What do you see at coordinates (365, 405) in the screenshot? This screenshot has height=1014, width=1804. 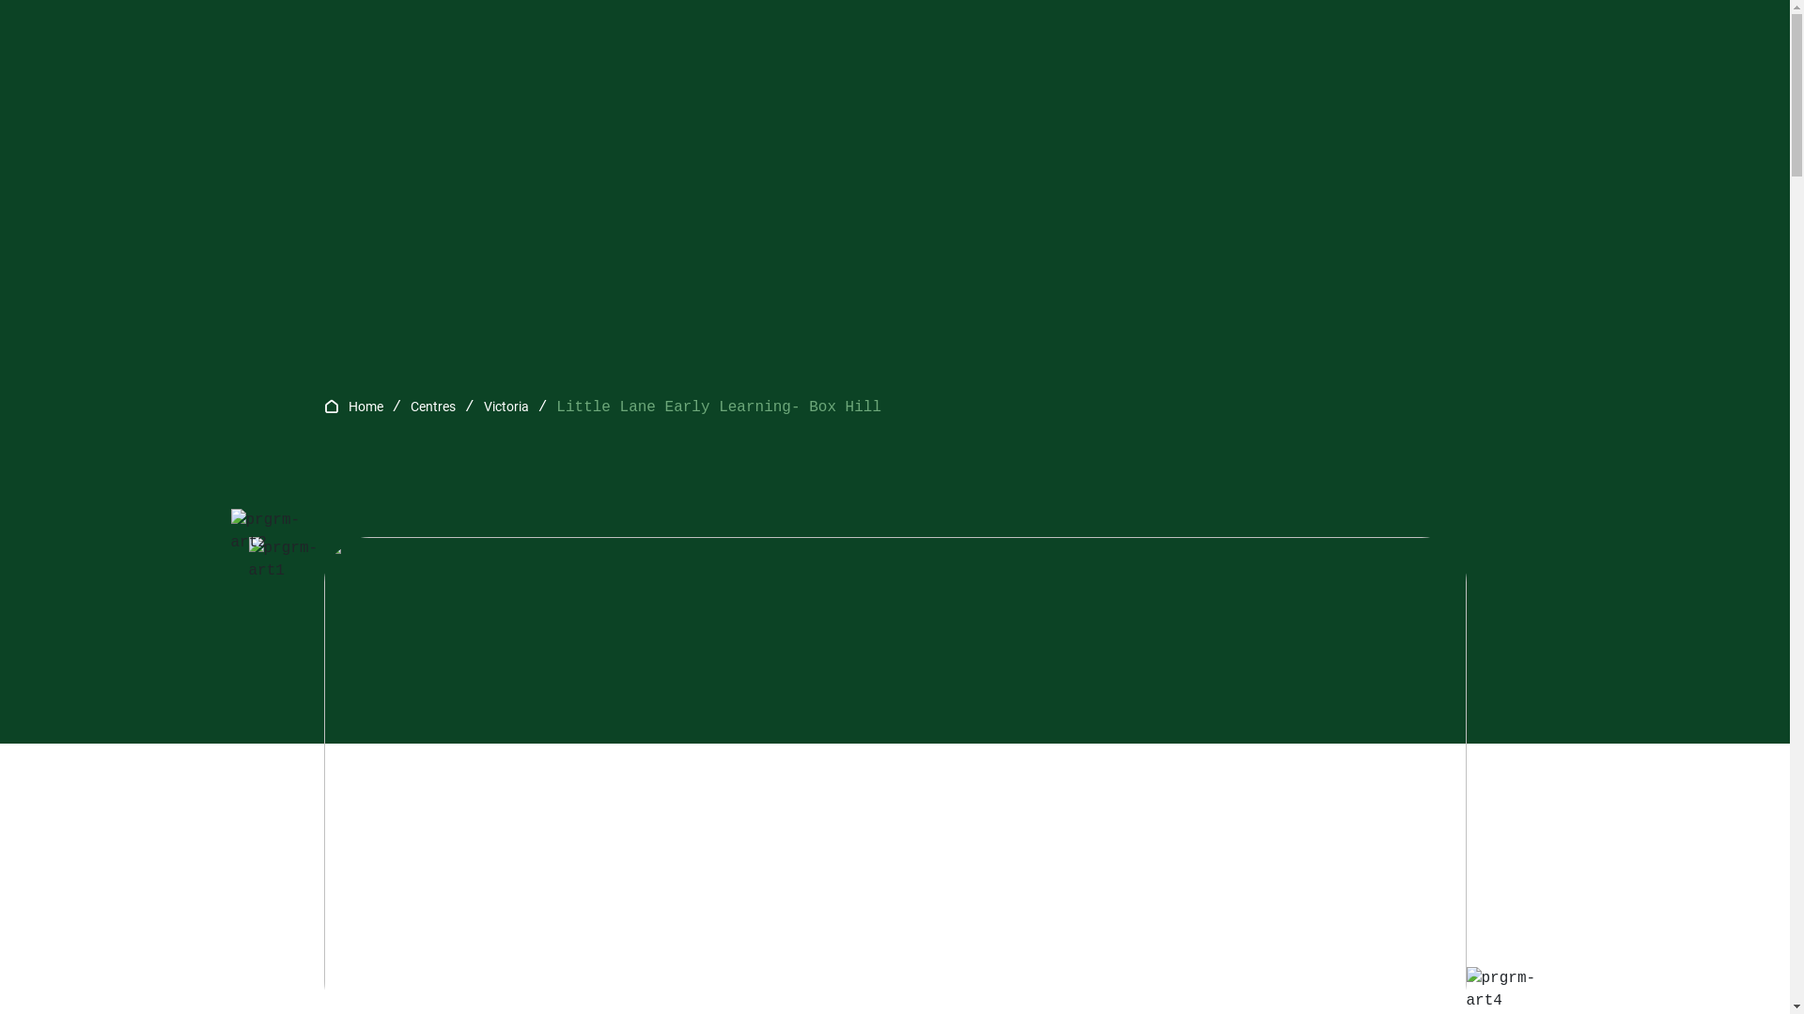 I see `'Home'` at bounding box center [365, 405].